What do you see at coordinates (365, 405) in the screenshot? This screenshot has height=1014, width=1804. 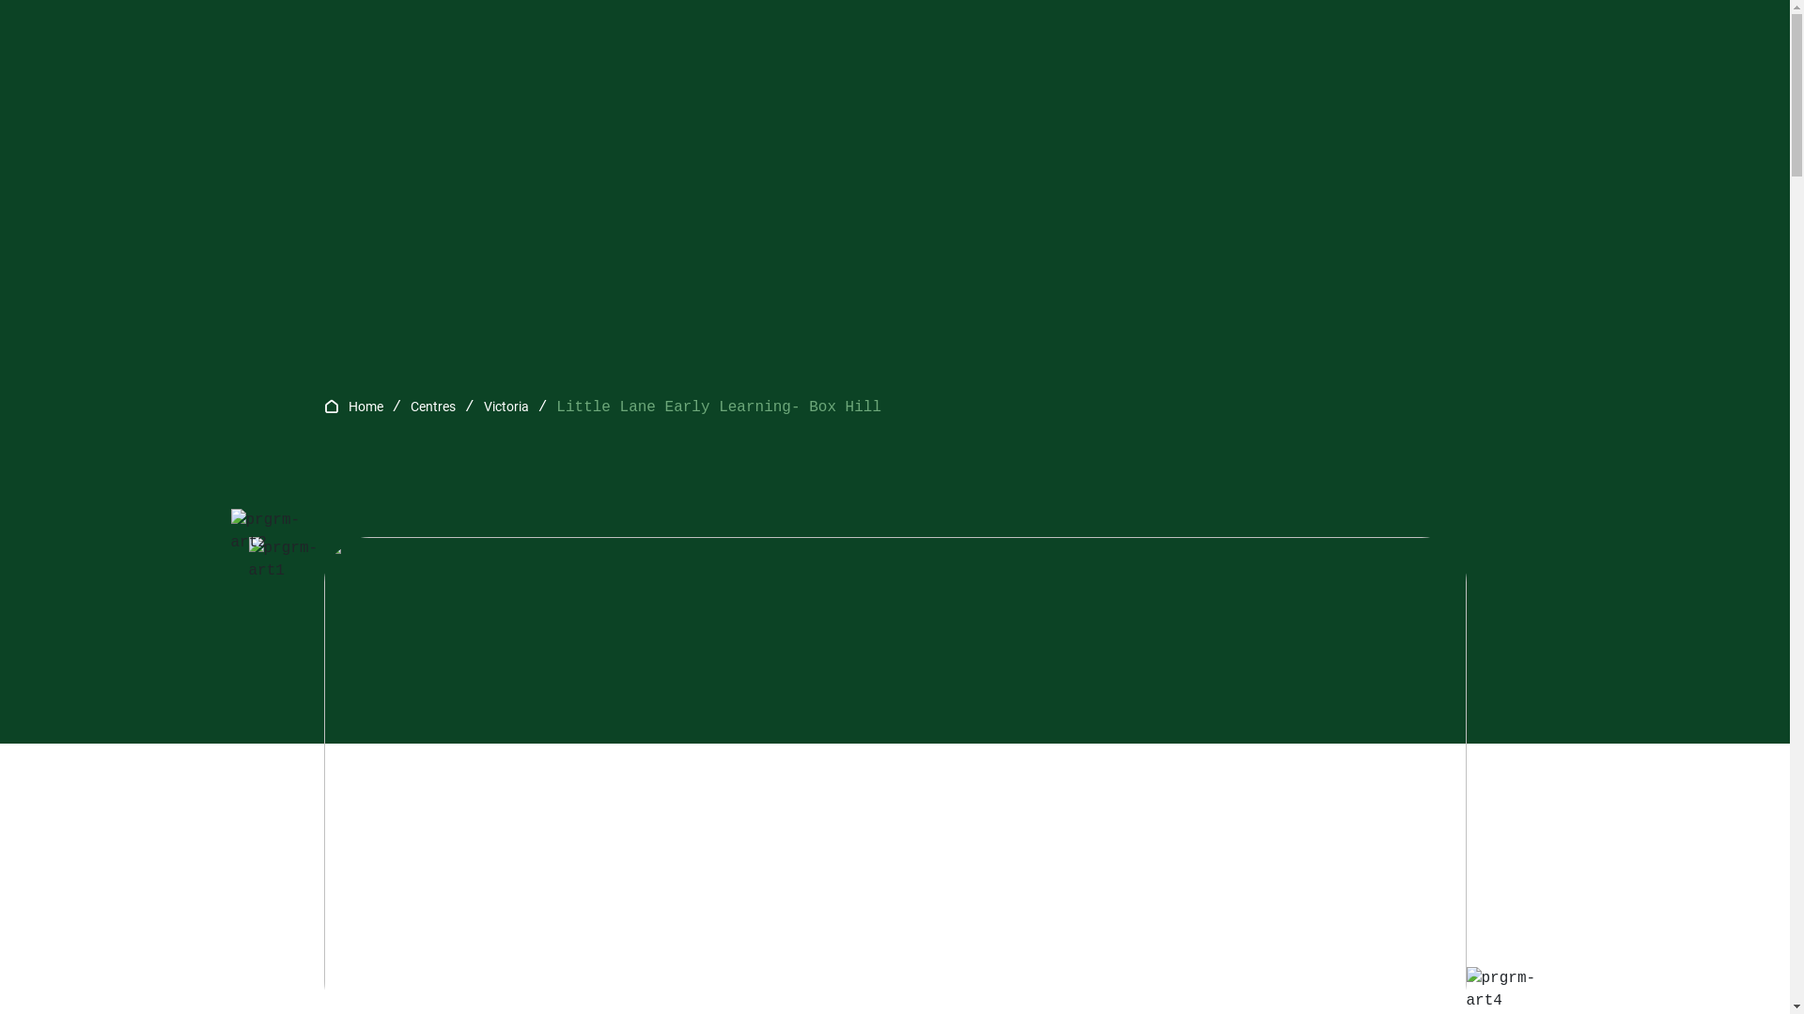 I see `'Home'` at bounding box center [365, 405].